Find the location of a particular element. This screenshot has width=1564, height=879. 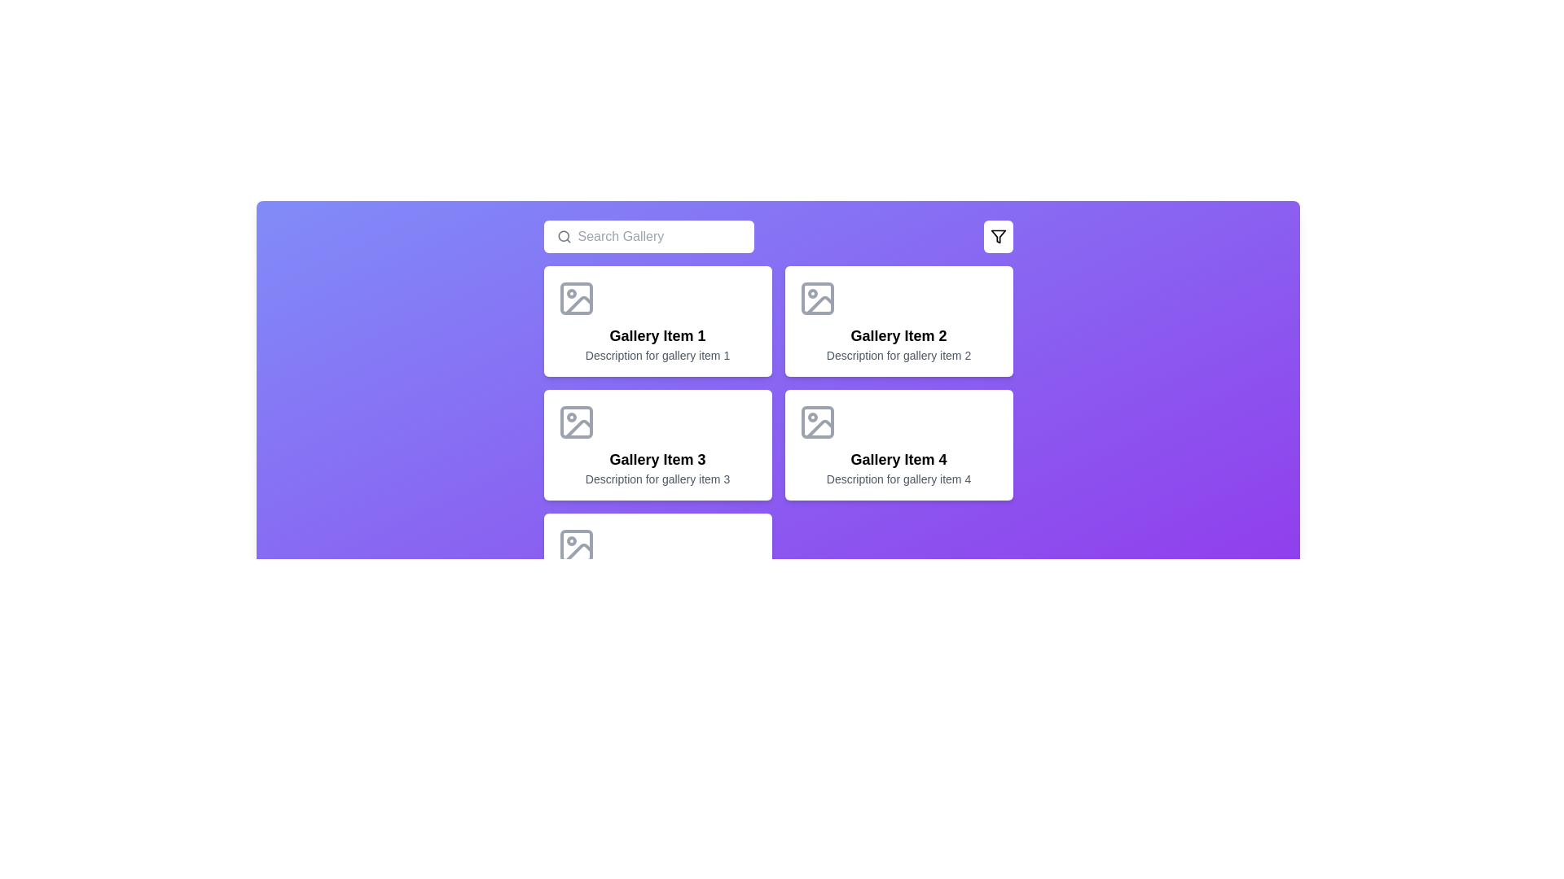

the fifth item card in a 2-column grid located in the bottom-left corner of the grid is located at coordinates (657, 567).